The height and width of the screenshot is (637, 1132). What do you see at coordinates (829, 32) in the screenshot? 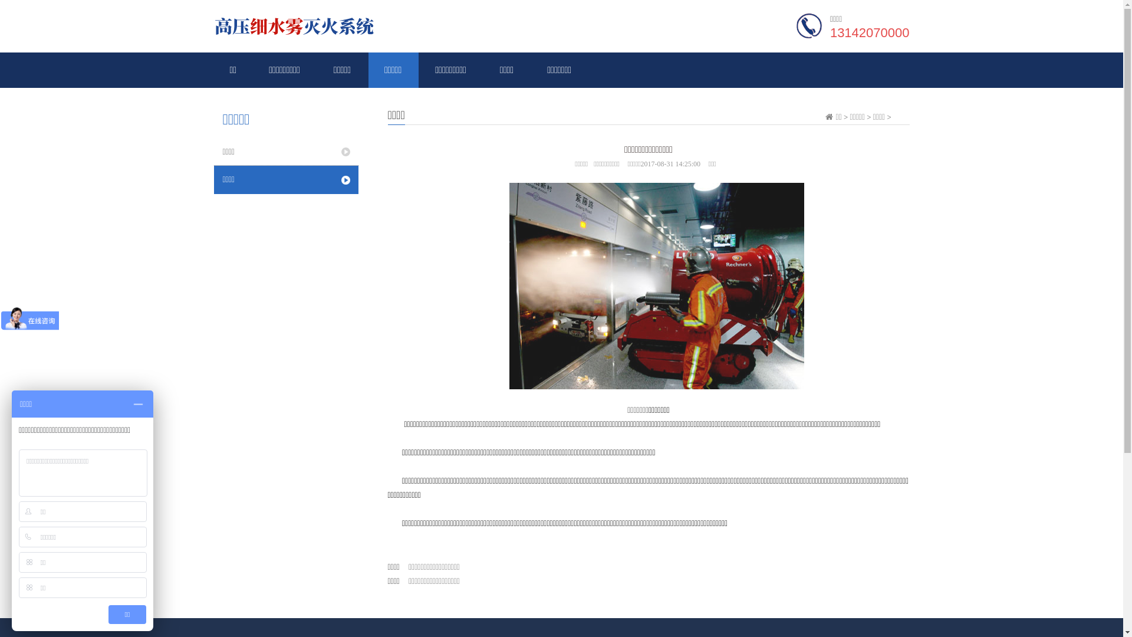
I see `'13142070000'` at bounding box center [829, 32].